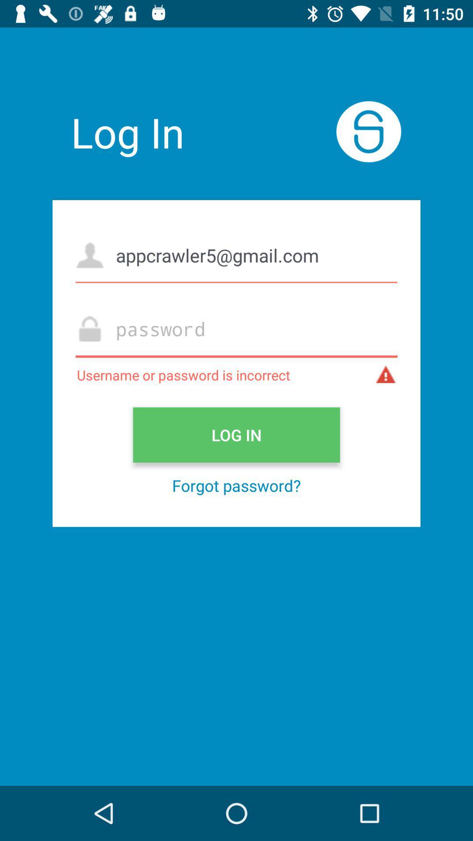 This screenshot has height=841, width=473. Describe the element at coordinates (236, 485) in the screenshot. I see `forgot password? icon` at that location.